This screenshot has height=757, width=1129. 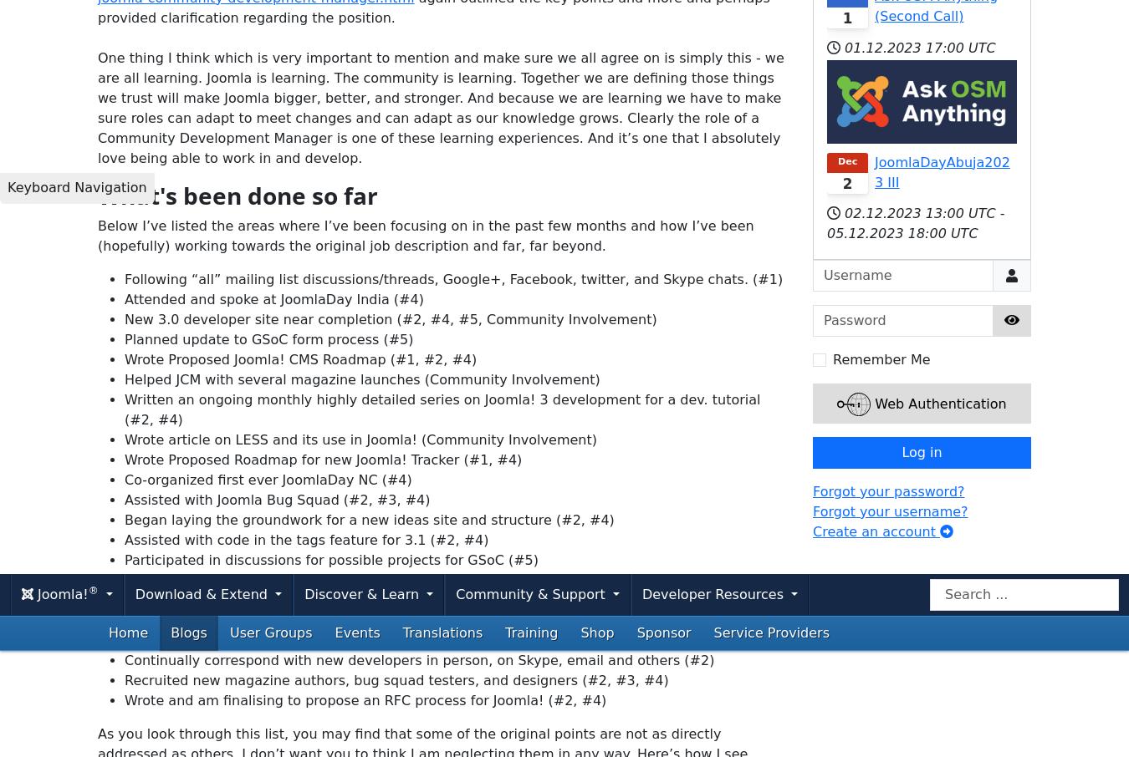 I want to click on 'facebook', so click(x=314, y=546).